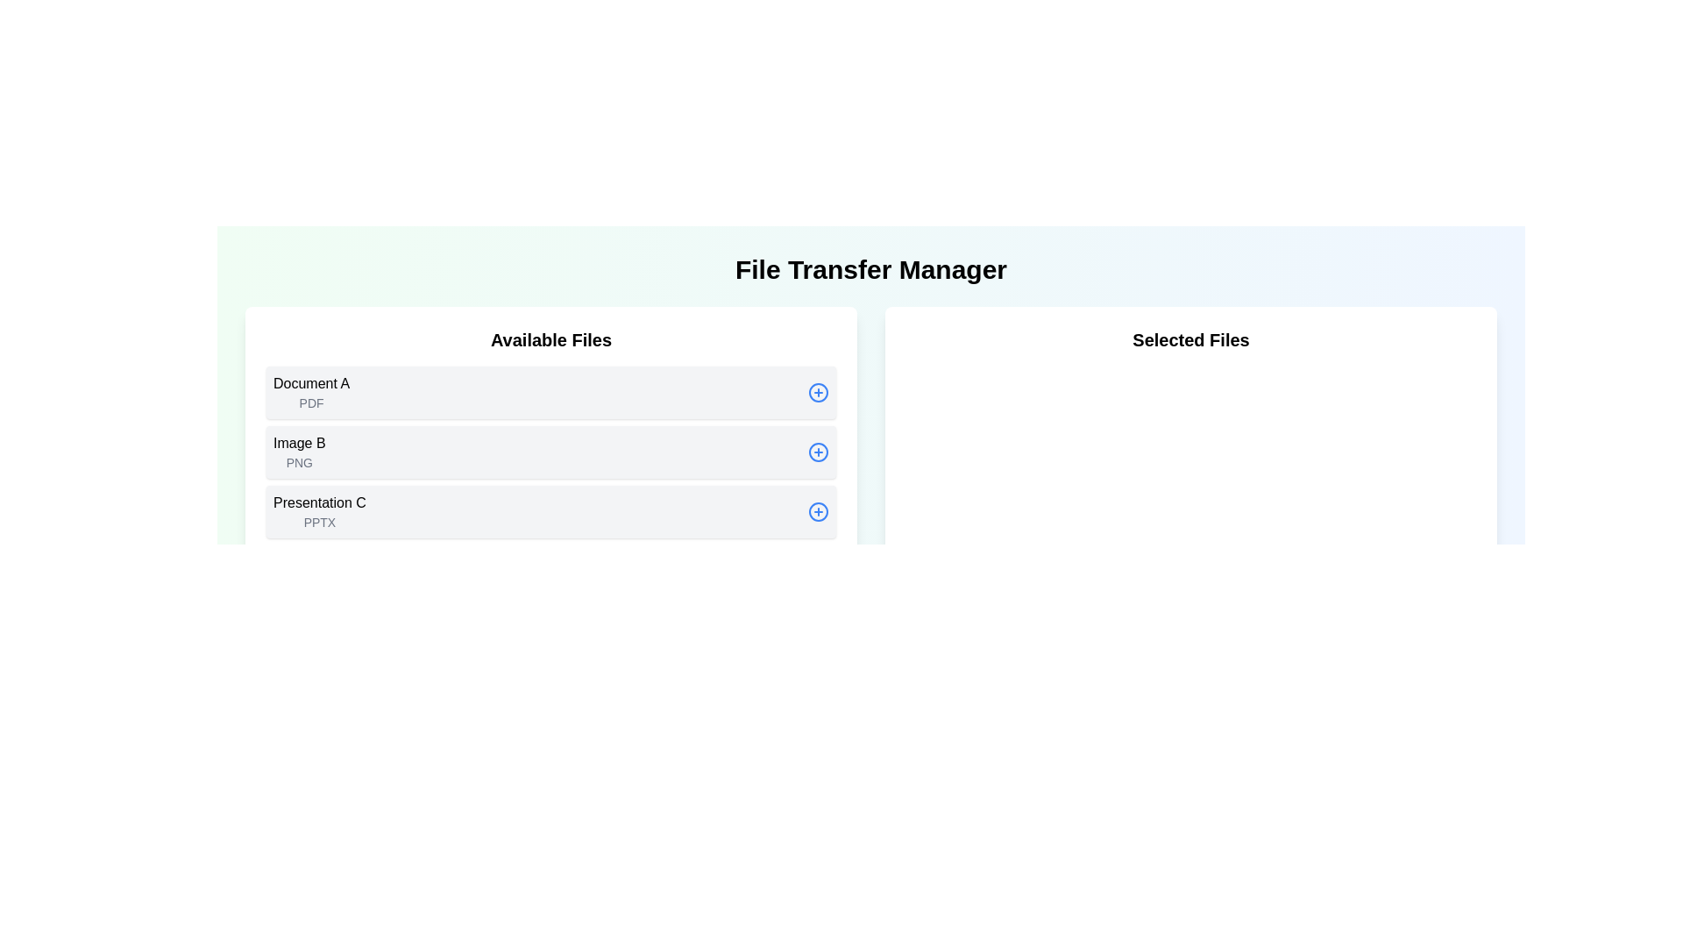 This screenshot has width=1683, height=947. I want to click on the Text Label that identifies a file entry in the second row of the 'Available Files' column, located above 'PNG' and below 'Document A', so click(299, 442).